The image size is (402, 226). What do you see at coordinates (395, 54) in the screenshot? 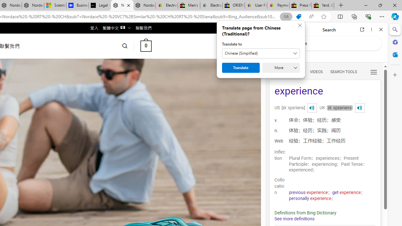
I see `'Outlook'` at bounding box center [395, 54].